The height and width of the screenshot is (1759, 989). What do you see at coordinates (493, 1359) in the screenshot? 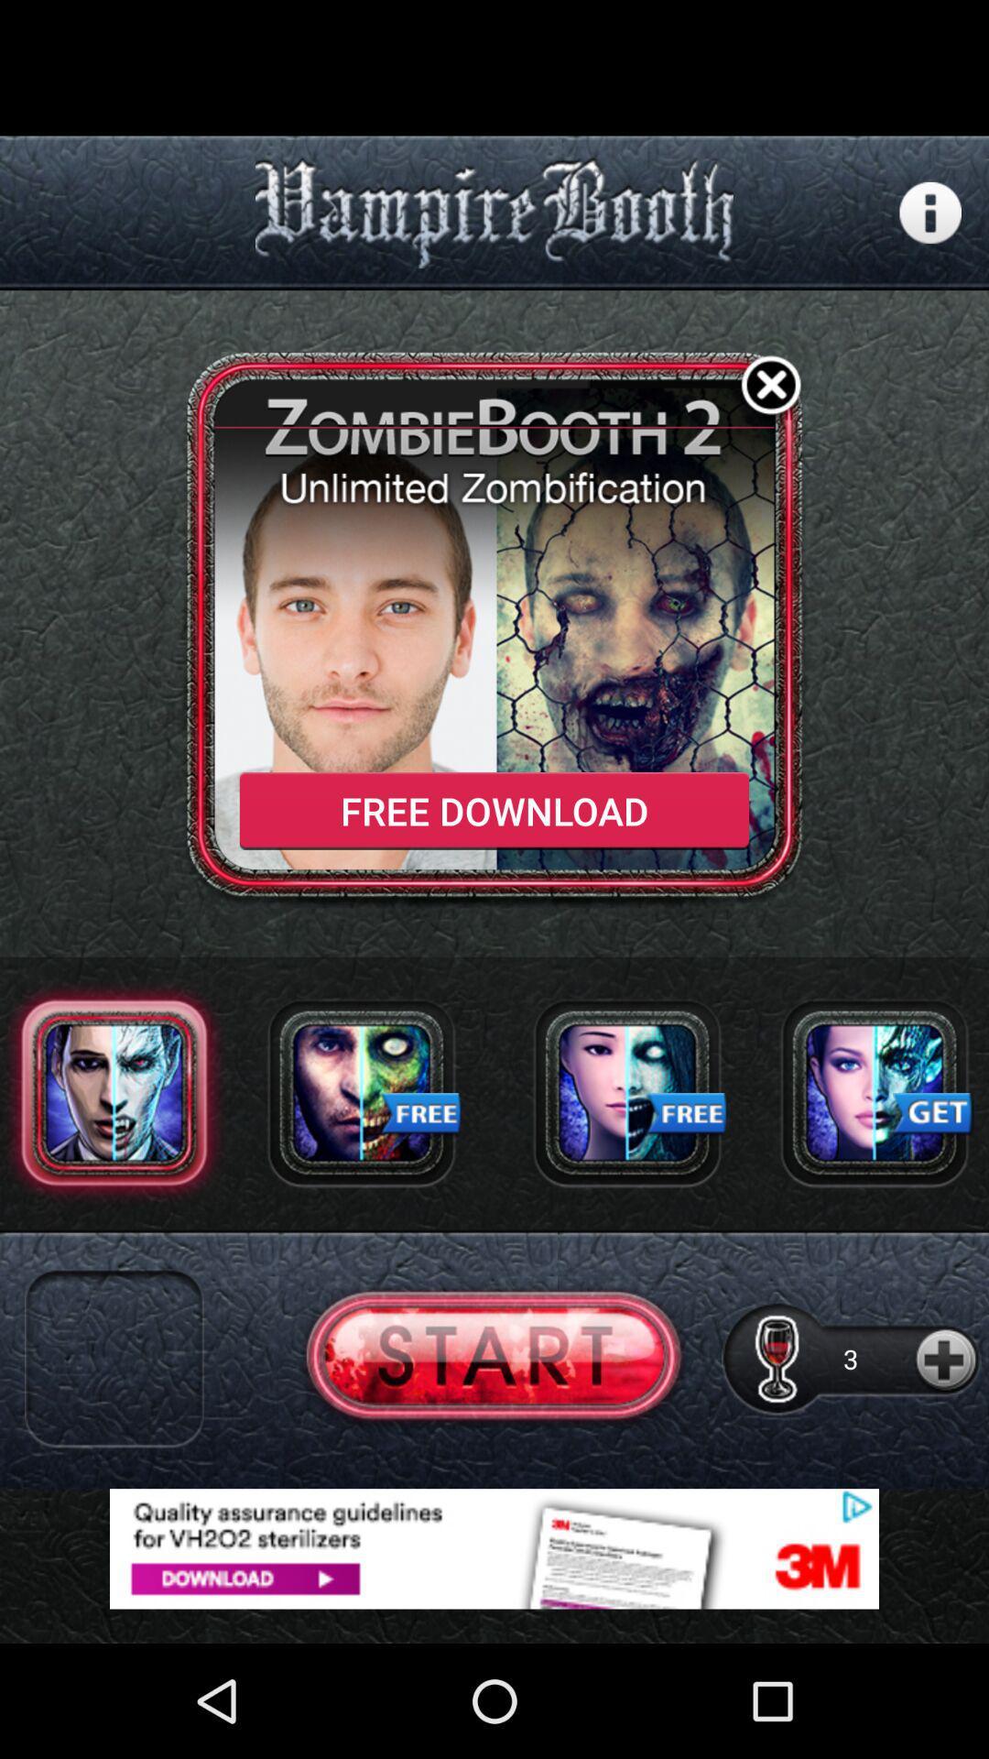
I see `start button` at bounding box center [493, 1359].